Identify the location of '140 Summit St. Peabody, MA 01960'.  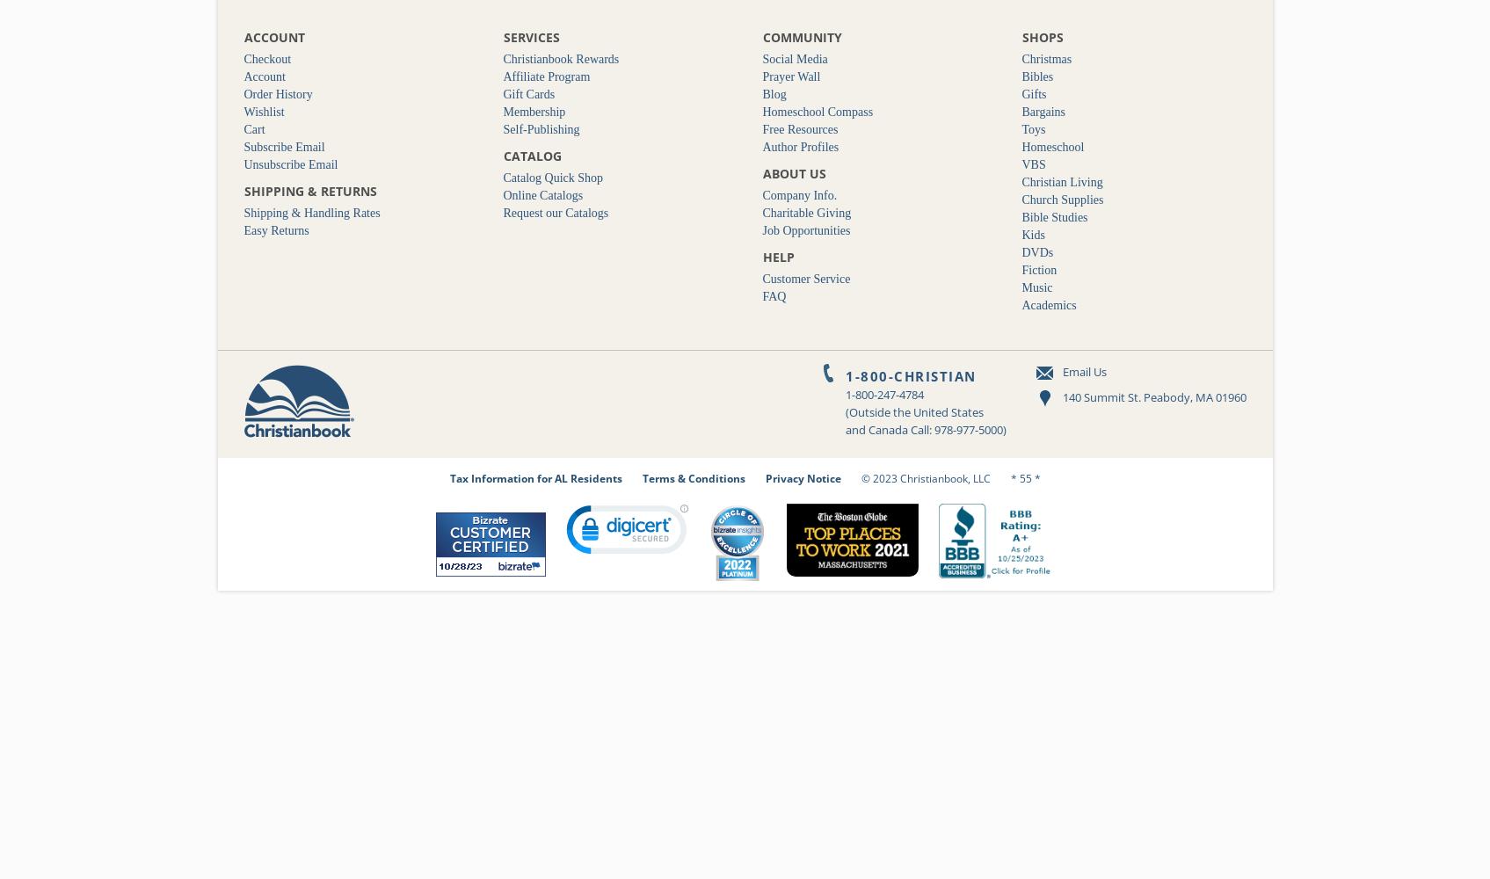
(1153, 396).